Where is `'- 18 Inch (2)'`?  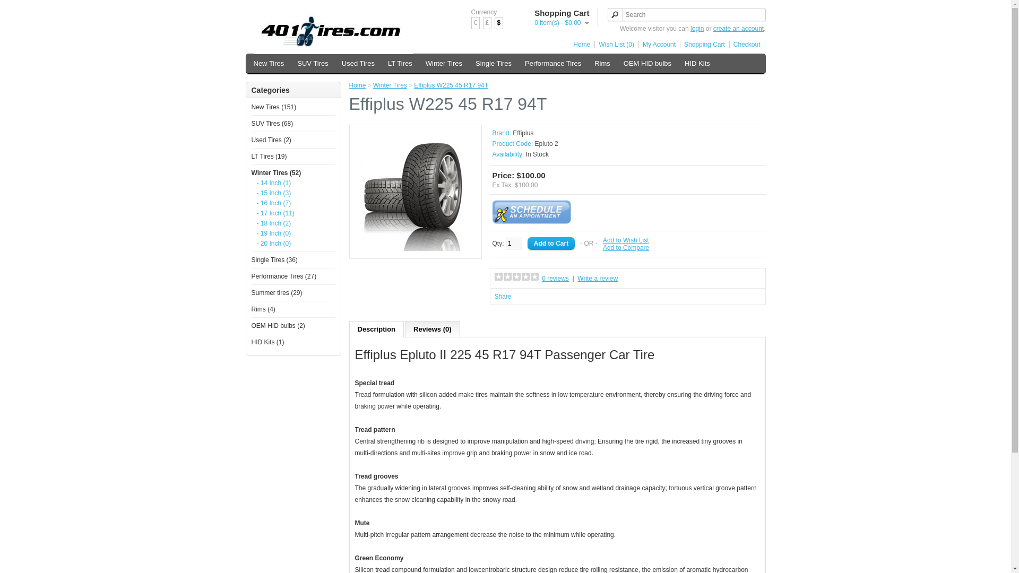 '- 18 Inch (2)' is located at coordinates (257, 222).